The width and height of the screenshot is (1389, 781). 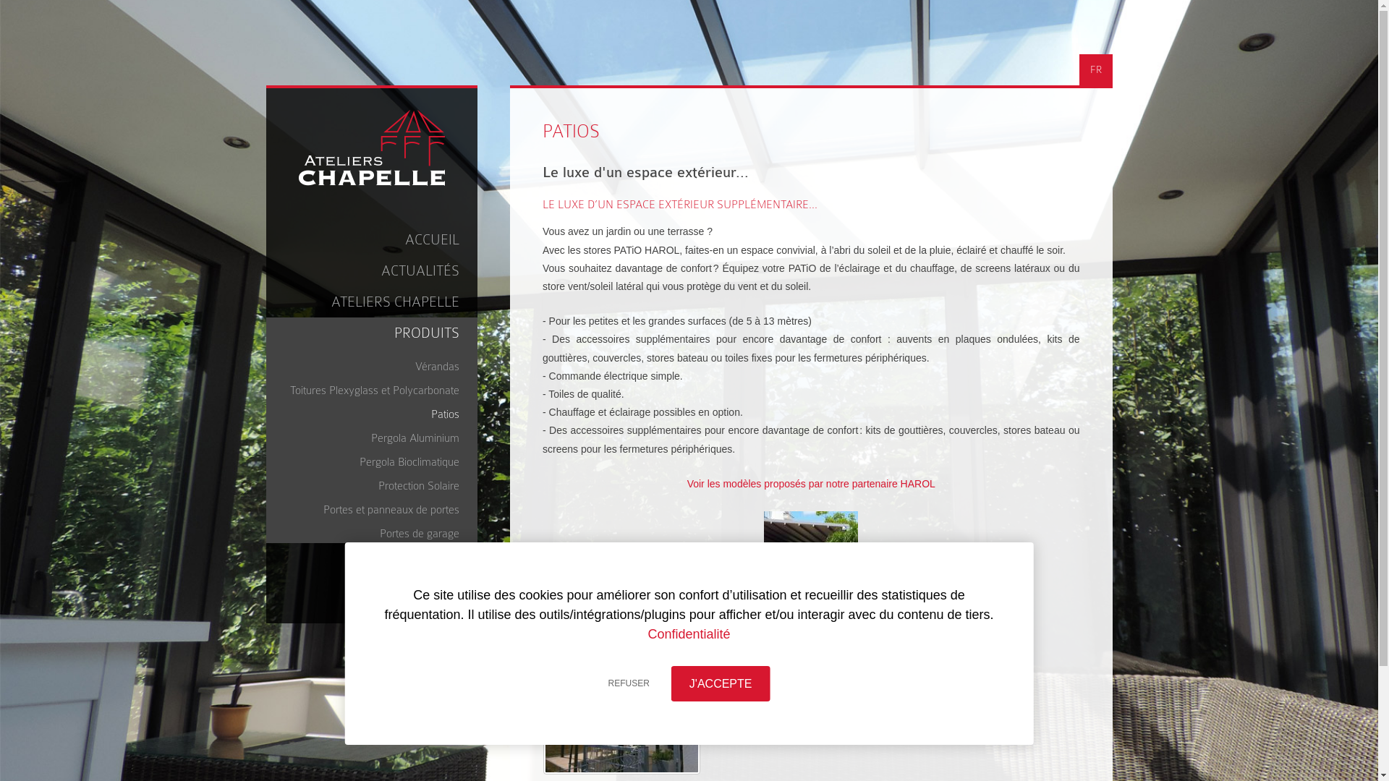 What do you see at coordinates (375, 411) in the screenshot?
I see `'Patios'` at bounding box center [375, 411].